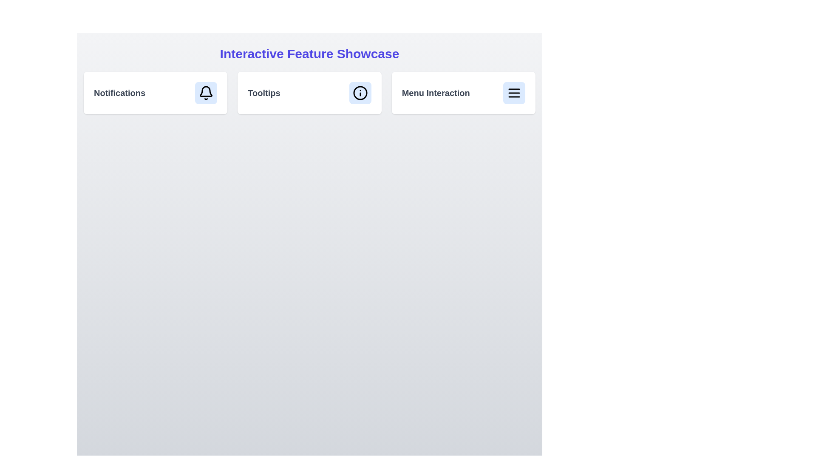  Describe the element at coordinates (360, 93) in the screenshot. I see `the information icon, which is a dark circle with a lowercase 'i' inside, located at the center of the second segment labeled 'Tooltips'` at that location.